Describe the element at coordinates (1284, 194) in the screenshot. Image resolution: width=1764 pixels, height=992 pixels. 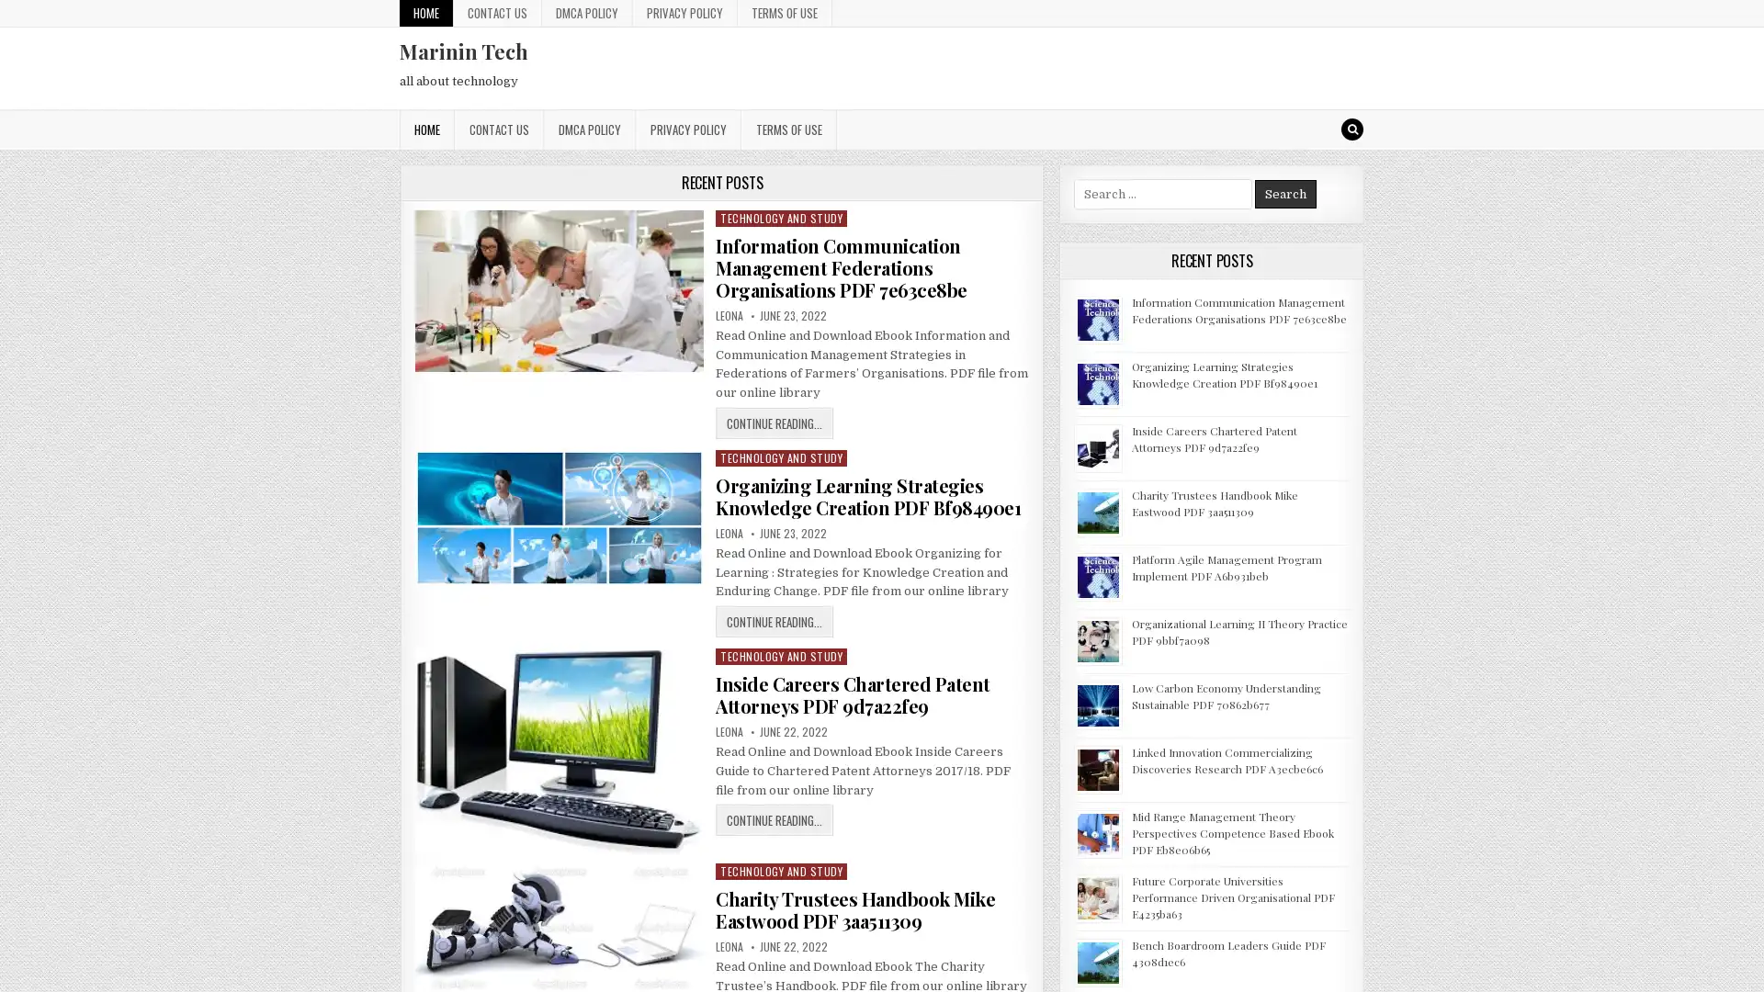
I see `Search` at that location.